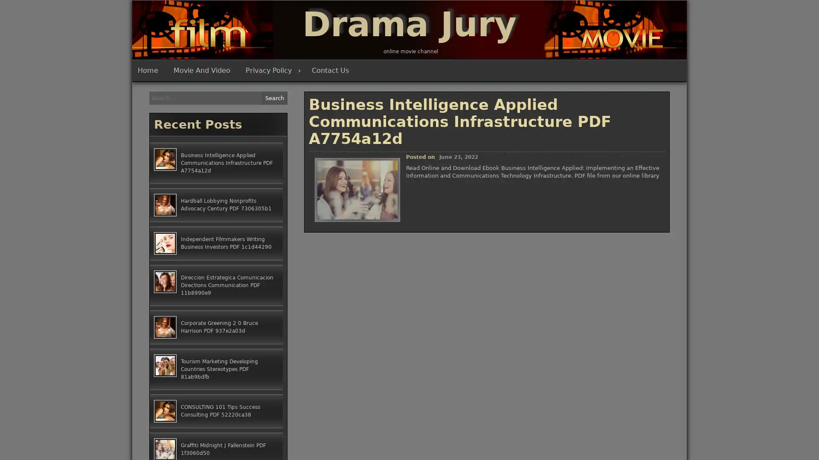 The image size is (819, 460). What do you see at coordinates (274, 98) in the screenshot?
I see `Search` at bounding box center [274, 98].